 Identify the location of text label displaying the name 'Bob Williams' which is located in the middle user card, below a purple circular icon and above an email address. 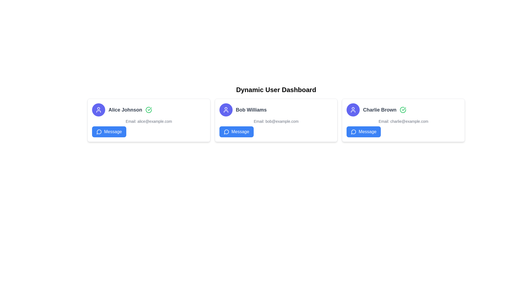
(251, 110).